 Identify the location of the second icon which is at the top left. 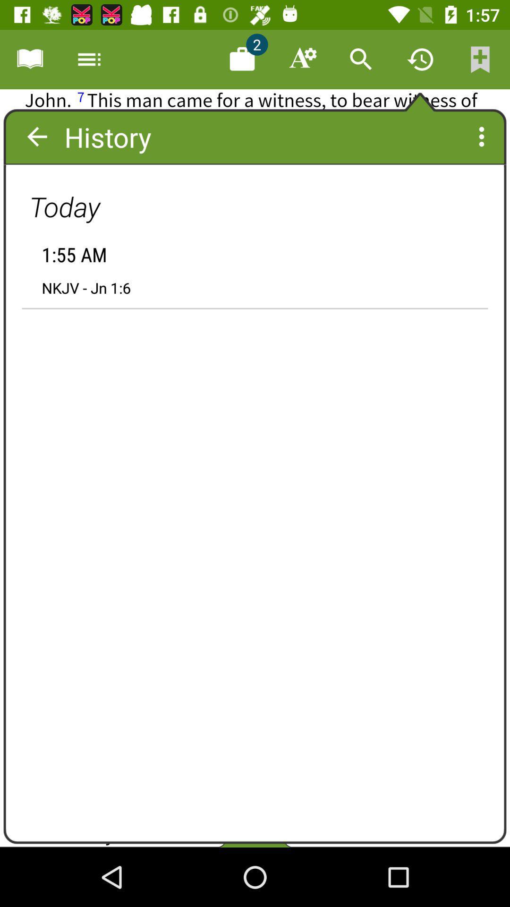
(89, 59).